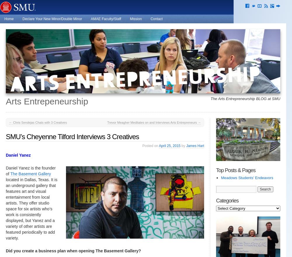  I want to click on 'Daniel Yanez is the founder of', so click(30, 171).